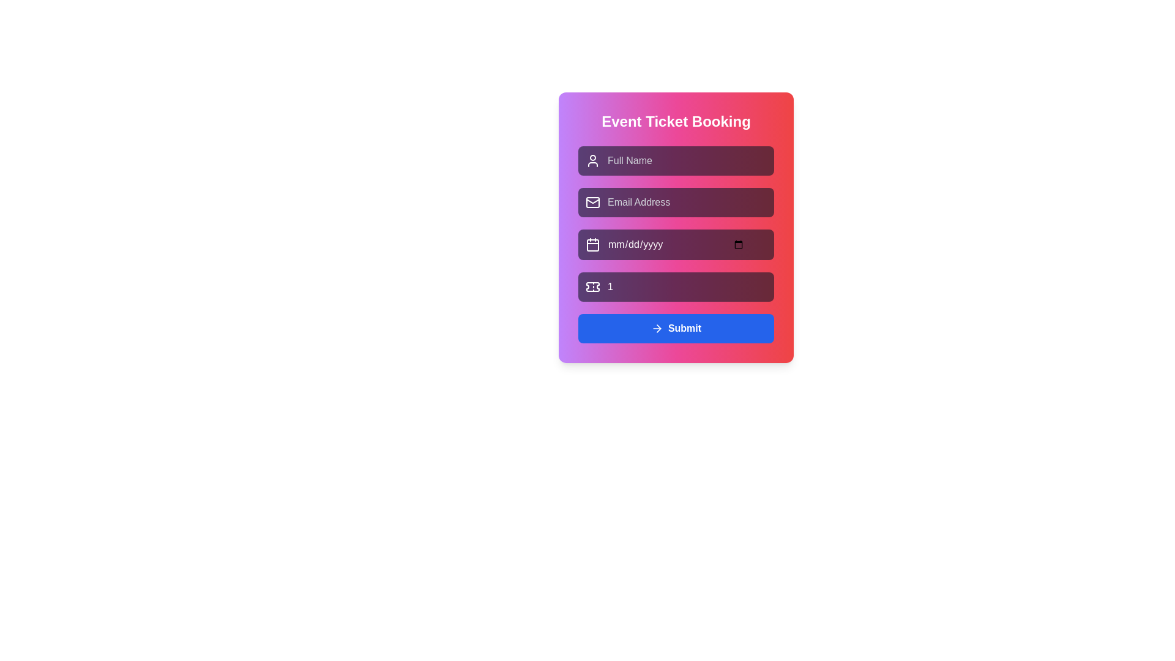 This screenshot has width=1175, height=661. I want to click on the ticket quantity icon located inside the purple-highlighted text field of the Event Ticket Booking form, positioned at the far left side, so click(593, 287).